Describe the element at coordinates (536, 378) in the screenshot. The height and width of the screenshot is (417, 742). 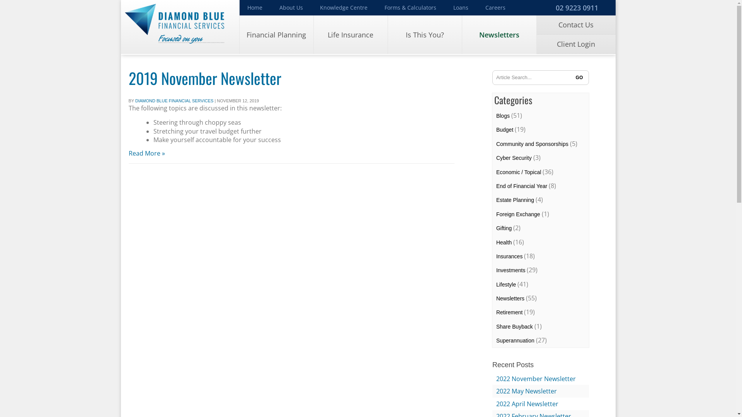
I see `'2022 November Newsletter'` at that location.